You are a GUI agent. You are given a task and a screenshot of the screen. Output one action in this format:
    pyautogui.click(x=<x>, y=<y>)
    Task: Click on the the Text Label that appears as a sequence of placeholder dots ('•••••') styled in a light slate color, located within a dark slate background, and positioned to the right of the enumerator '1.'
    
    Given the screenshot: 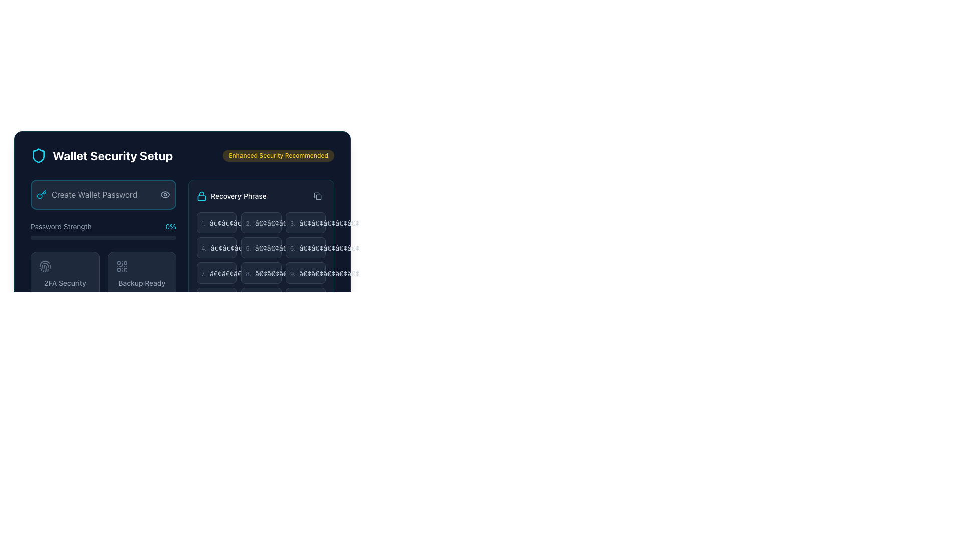 What is the action you would take?
    pyautogui.click(x=239, y=222)
    